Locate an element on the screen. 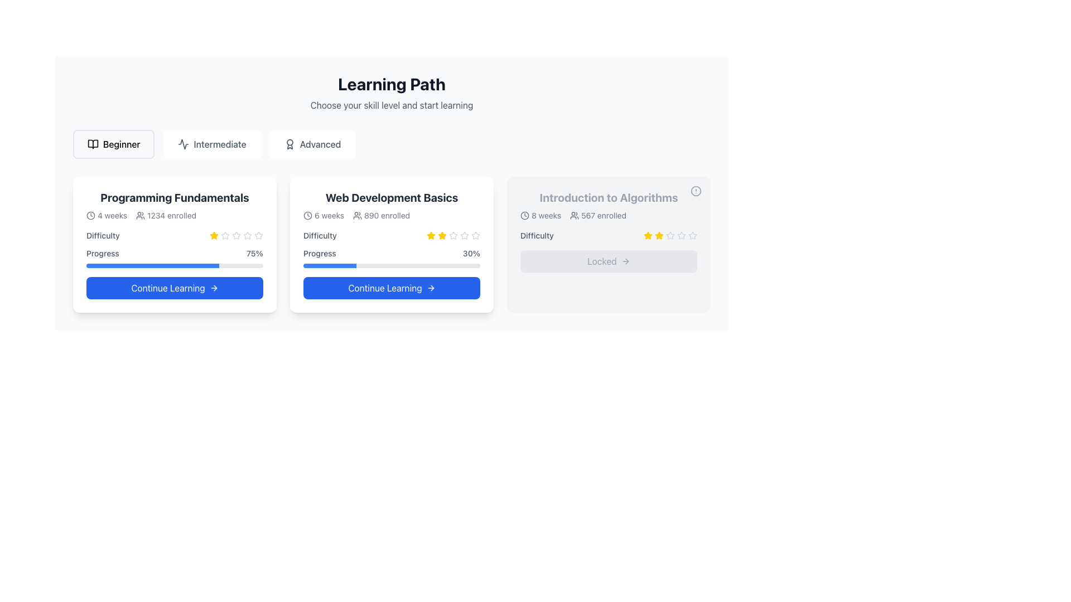 The height and width of the screenshot is (602, 1071). the Rating Indicator element labeled 'Difficulty' with a filled star, located within the 'Programming Fundamentals' card, positioned above the 'Progress' bar is located at coordinates (174, 235).